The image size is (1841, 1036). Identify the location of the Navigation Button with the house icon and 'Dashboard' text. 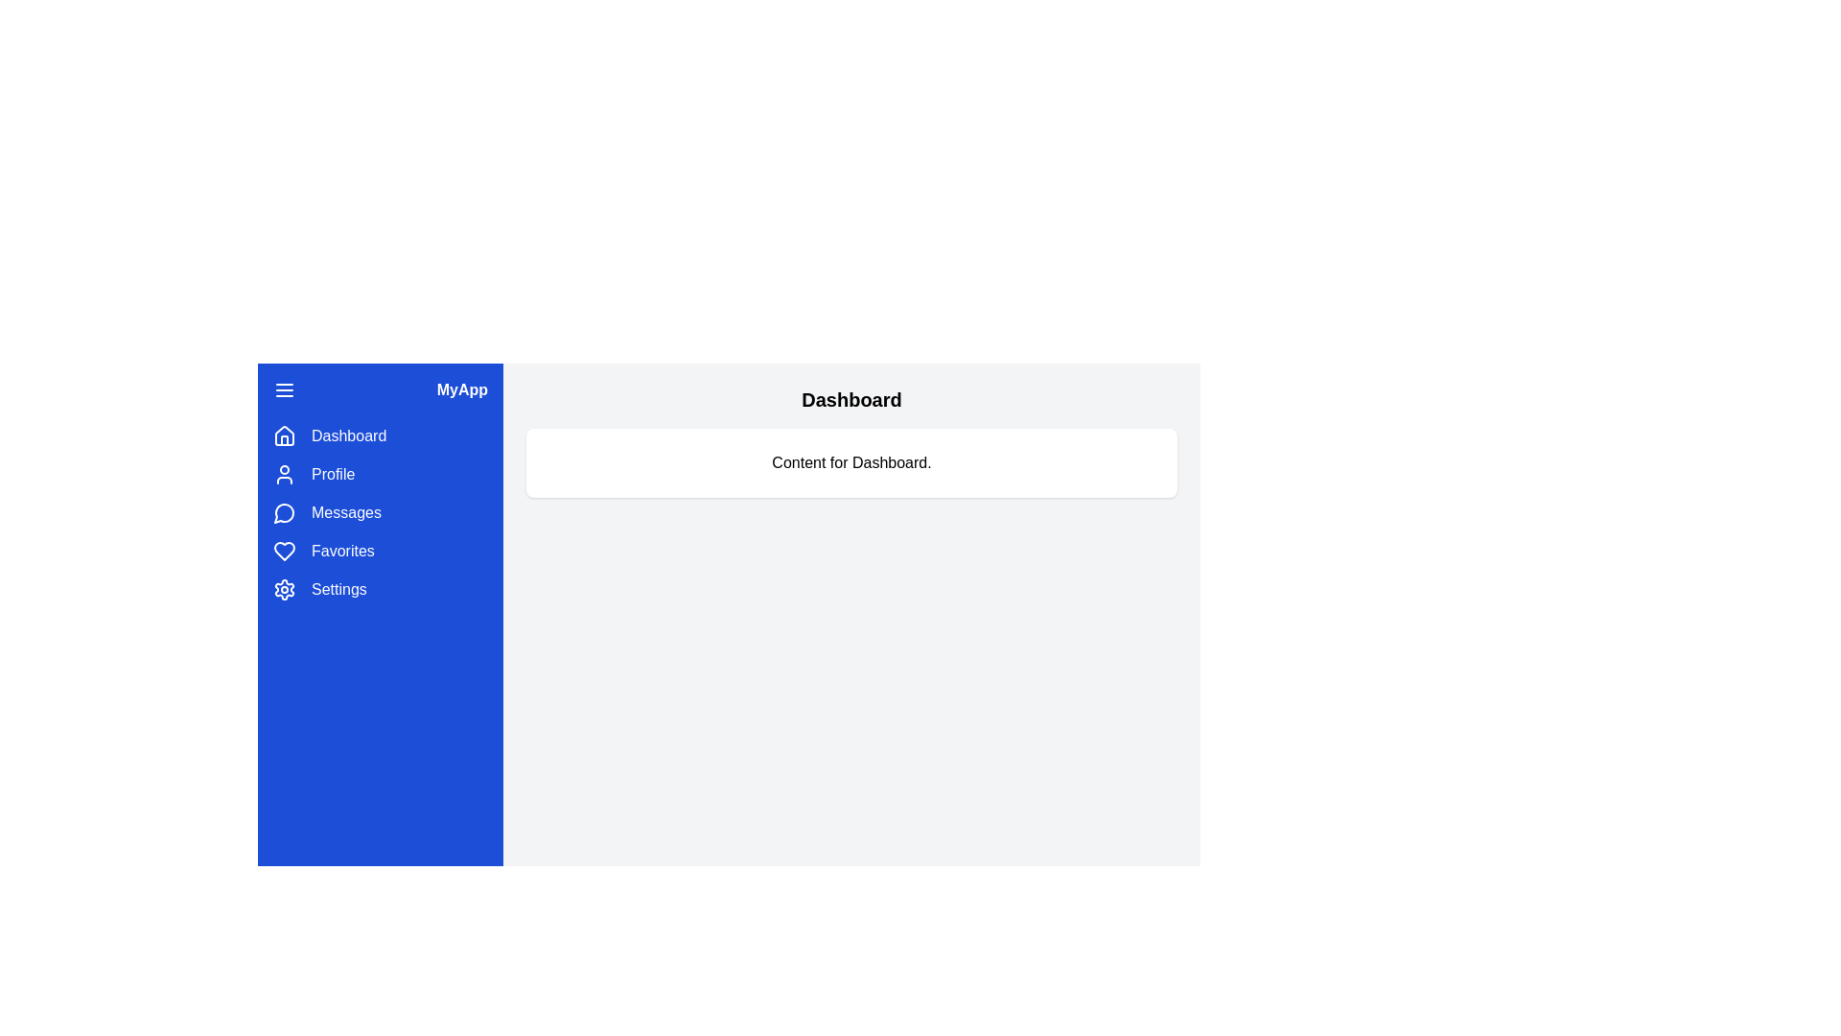
(381, 436).